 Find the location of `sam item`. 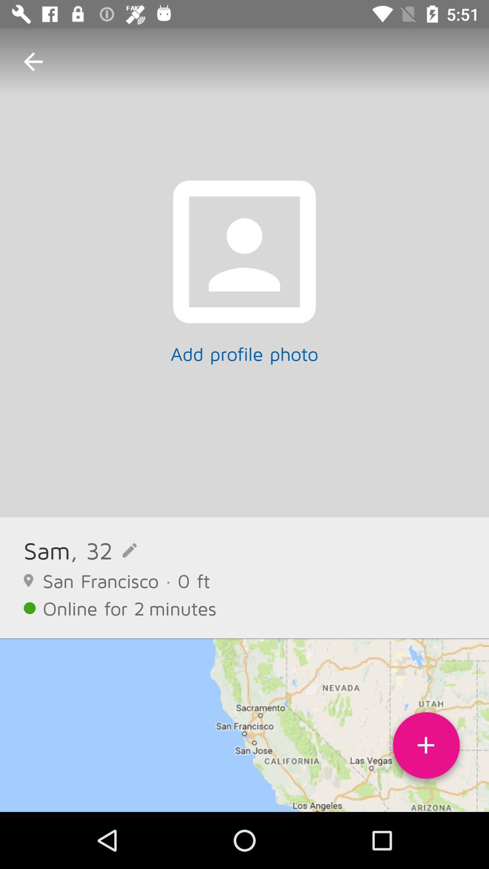

sam item is located at coordinates (47, 550).